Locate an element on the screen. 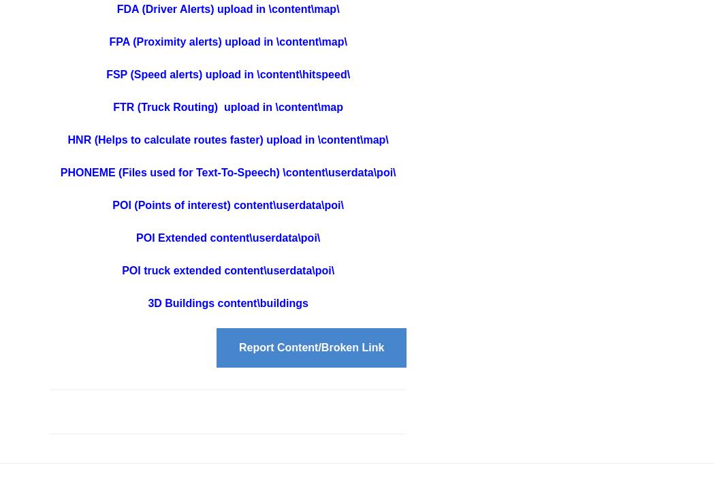 This screenshot has height=497, width=715. 'FPA (Proximity alerts) upload in \content\map\' is located at coordinates (109, 41).